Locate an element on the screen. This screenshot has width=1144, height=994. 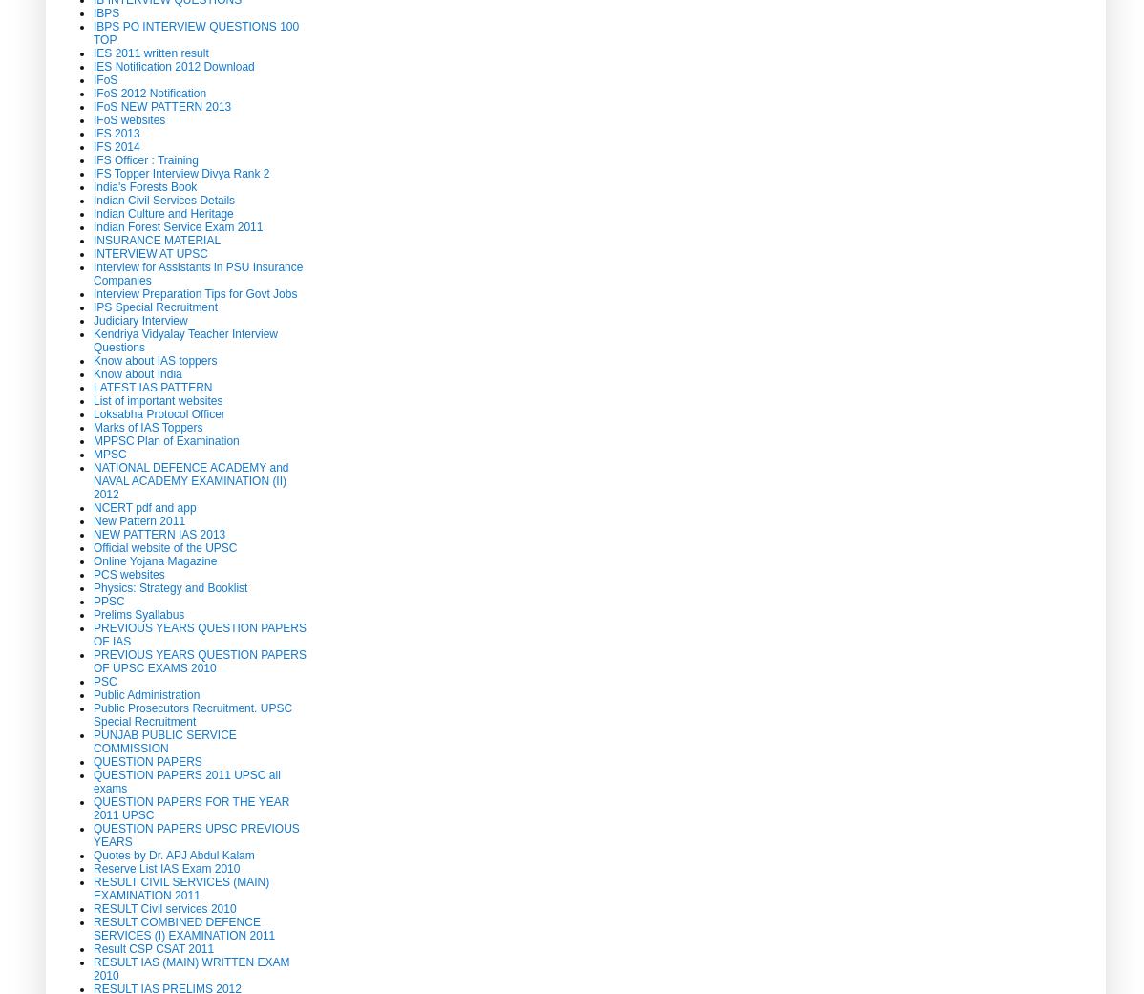
'QUESTION PAPERS UPSC PREVIOUS YEARS' is located at coordinates (93, 834).